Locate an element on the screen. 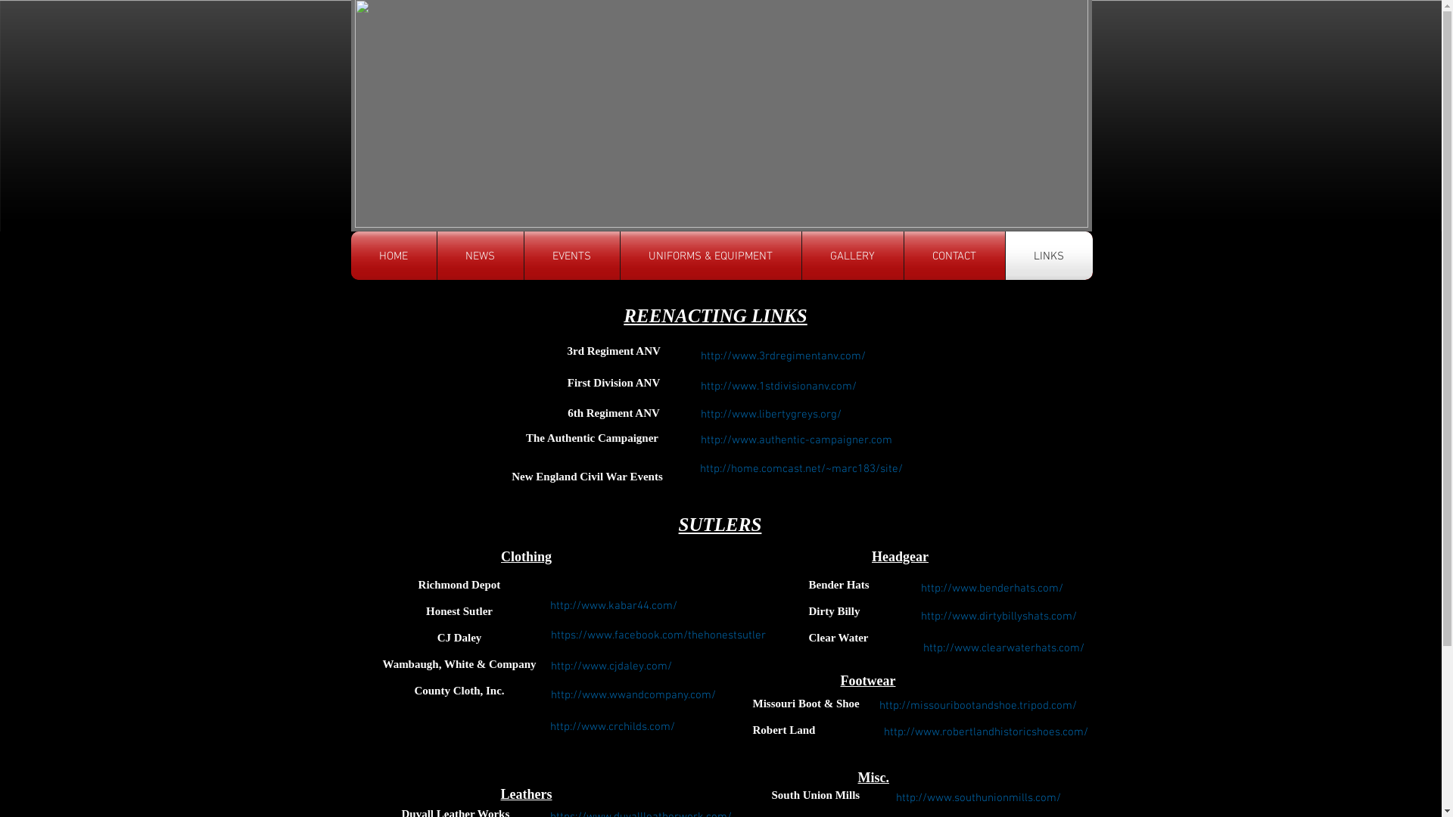 This screenshot has width=1453, height=817. 'http://www.clearwaterhats.com/' is located at coordinates (1003, 647).